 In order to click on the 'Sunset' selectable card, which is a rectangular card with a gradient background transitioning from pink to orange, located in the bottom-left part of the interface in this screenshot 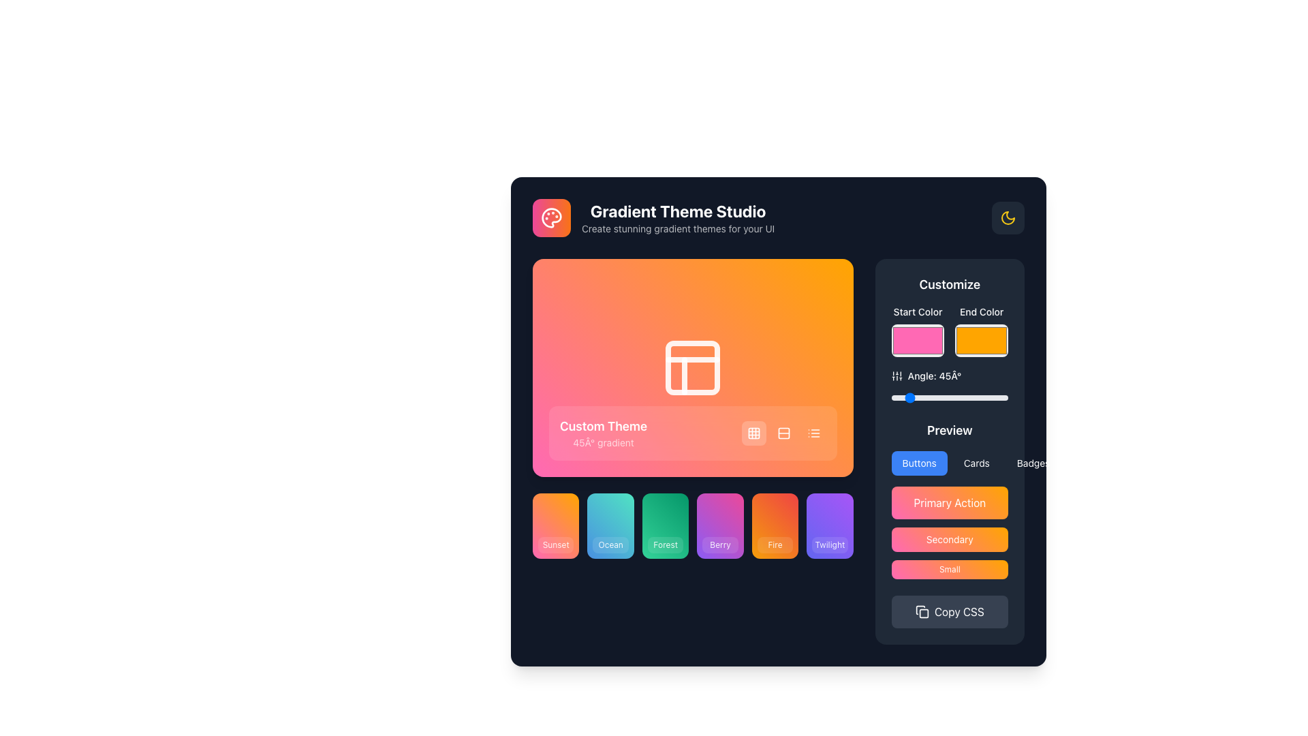, I will do `click(556, 525)`.